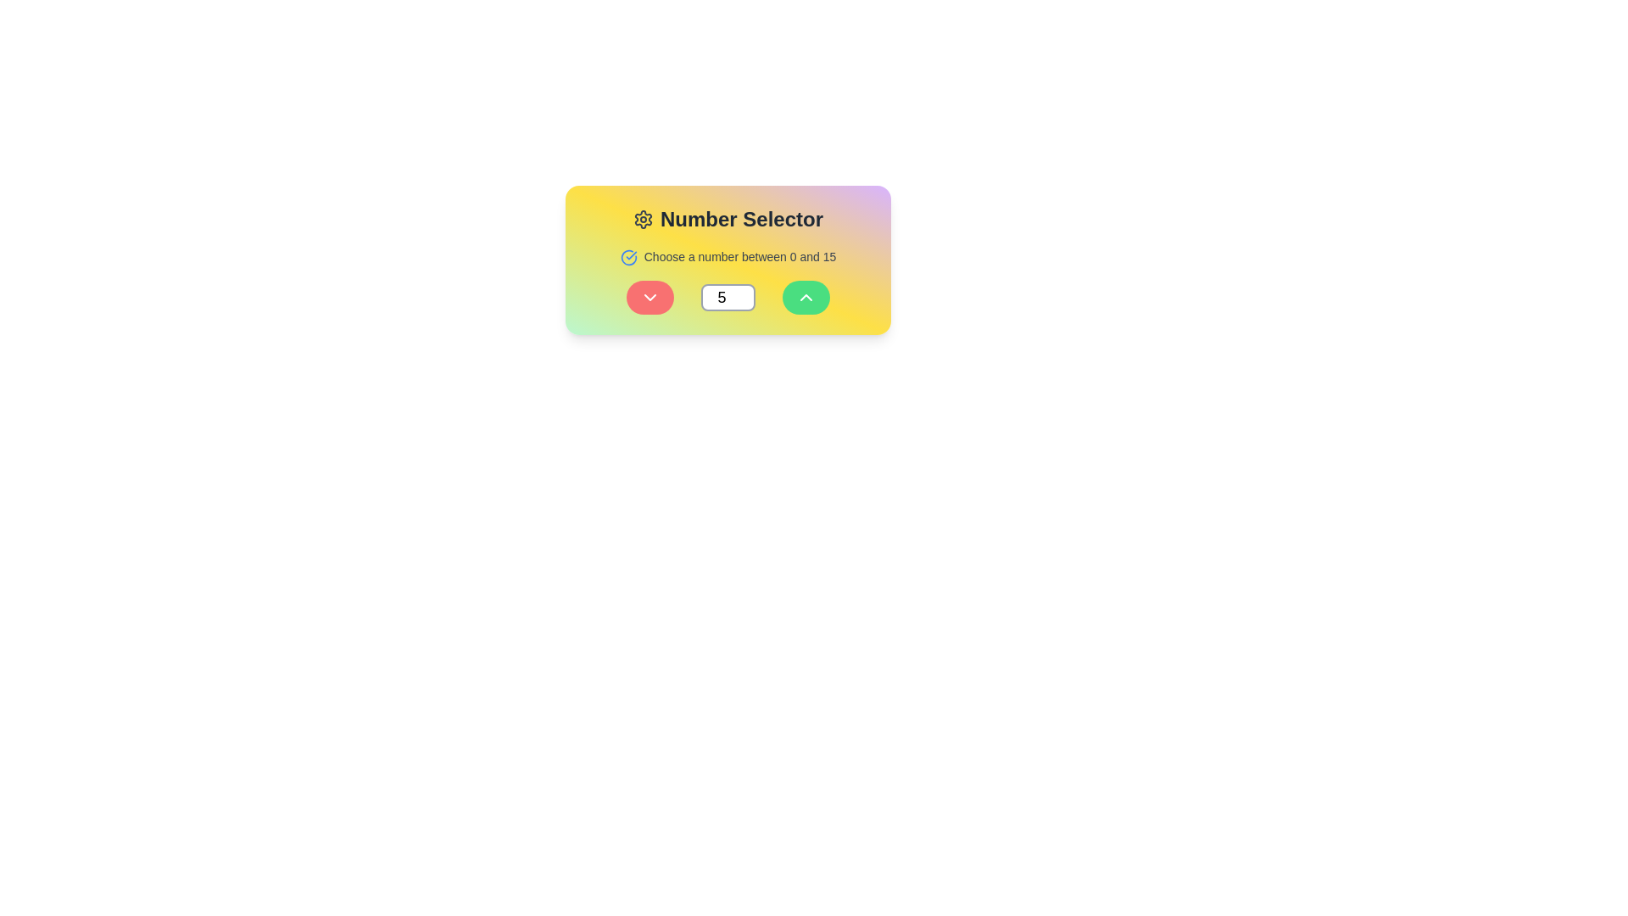 This screenshot has width=1628, height=916. Describe the element at coordinates (728, 257) in the screenshot. I see `the informational text label that prompts 'Choose a number between 0 and 15', which is located in the center of a colorful rectangular card beneath the title 'Number Selector'` at that location.